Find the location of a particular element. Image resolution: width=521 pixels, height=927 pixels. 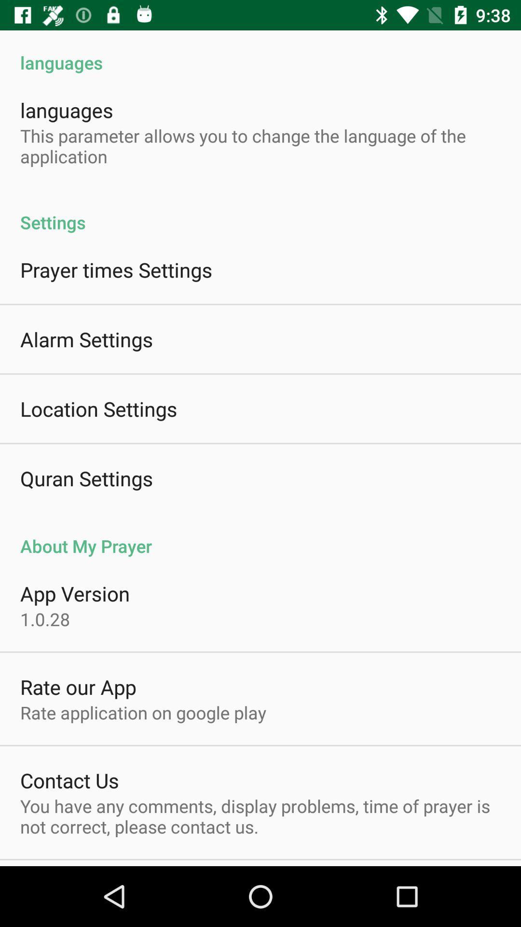

app above app version app is located at coordinates (260, 535).